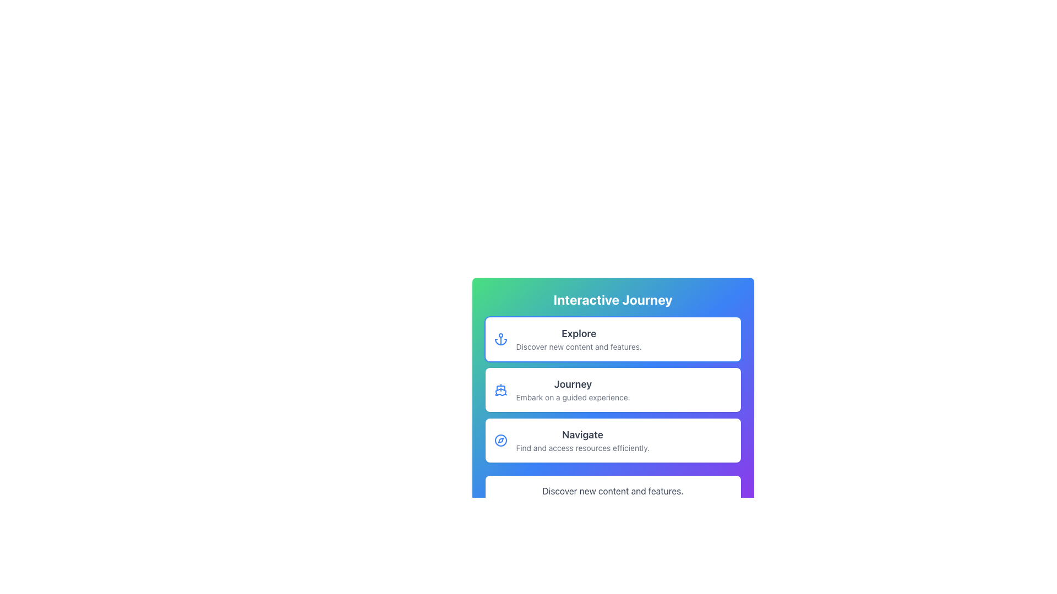 The height and width of the screenshot is (594, 1057). Describe the element at coordinates (582, 440) in the screenshot. I see `text of the third option in the 'Interactive Journey' section, which serves as a descriptive label for a feature` at that location.